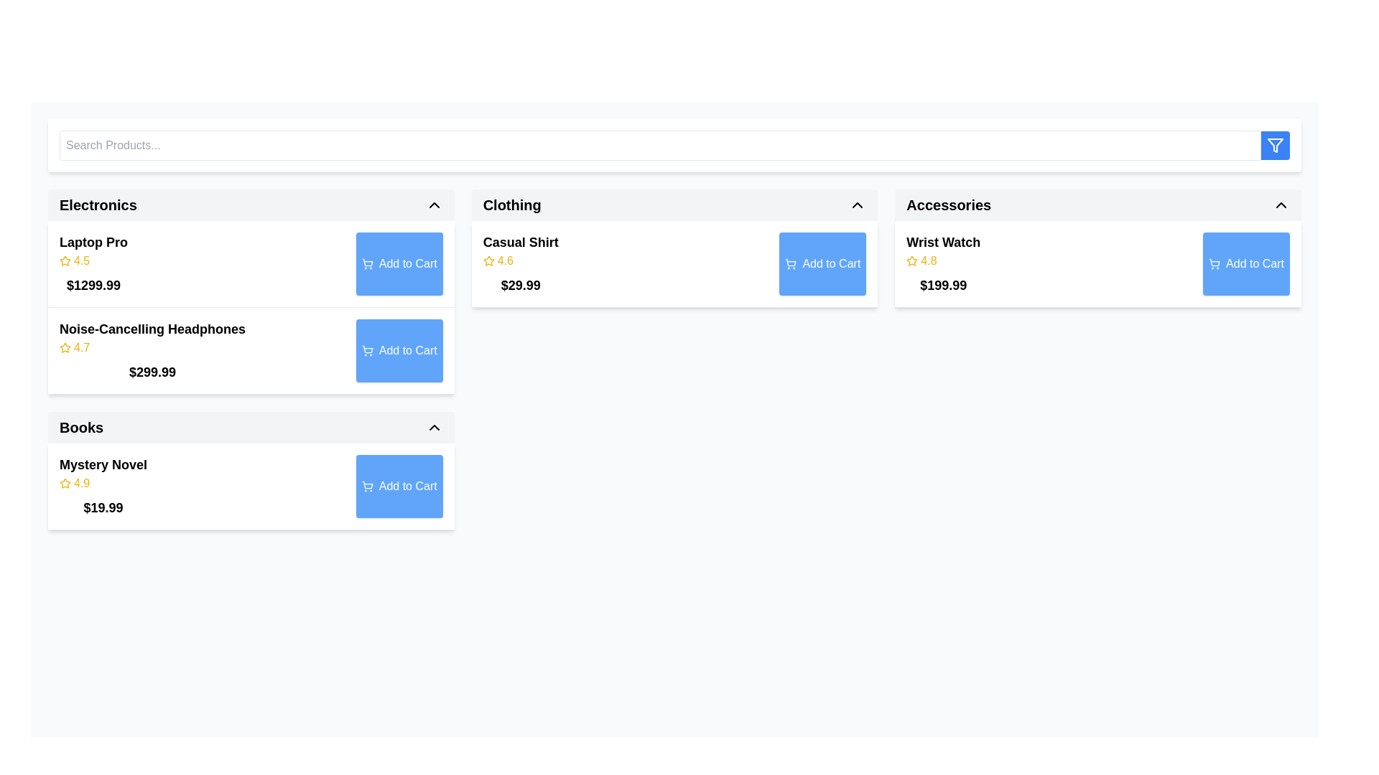 The width and height of the screenshot is (1379, 775). I want to click on the Product Information Section, which displays the product's name, rating, and price, so click(943, 263).